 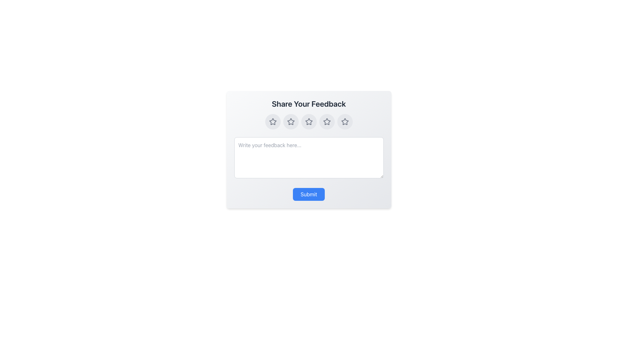 What do you see at coordinates (308, 194) in the screenshot?
I see `the feedback submission button located at the bottom of the feedback submission card` at bounding box center [308, 194].